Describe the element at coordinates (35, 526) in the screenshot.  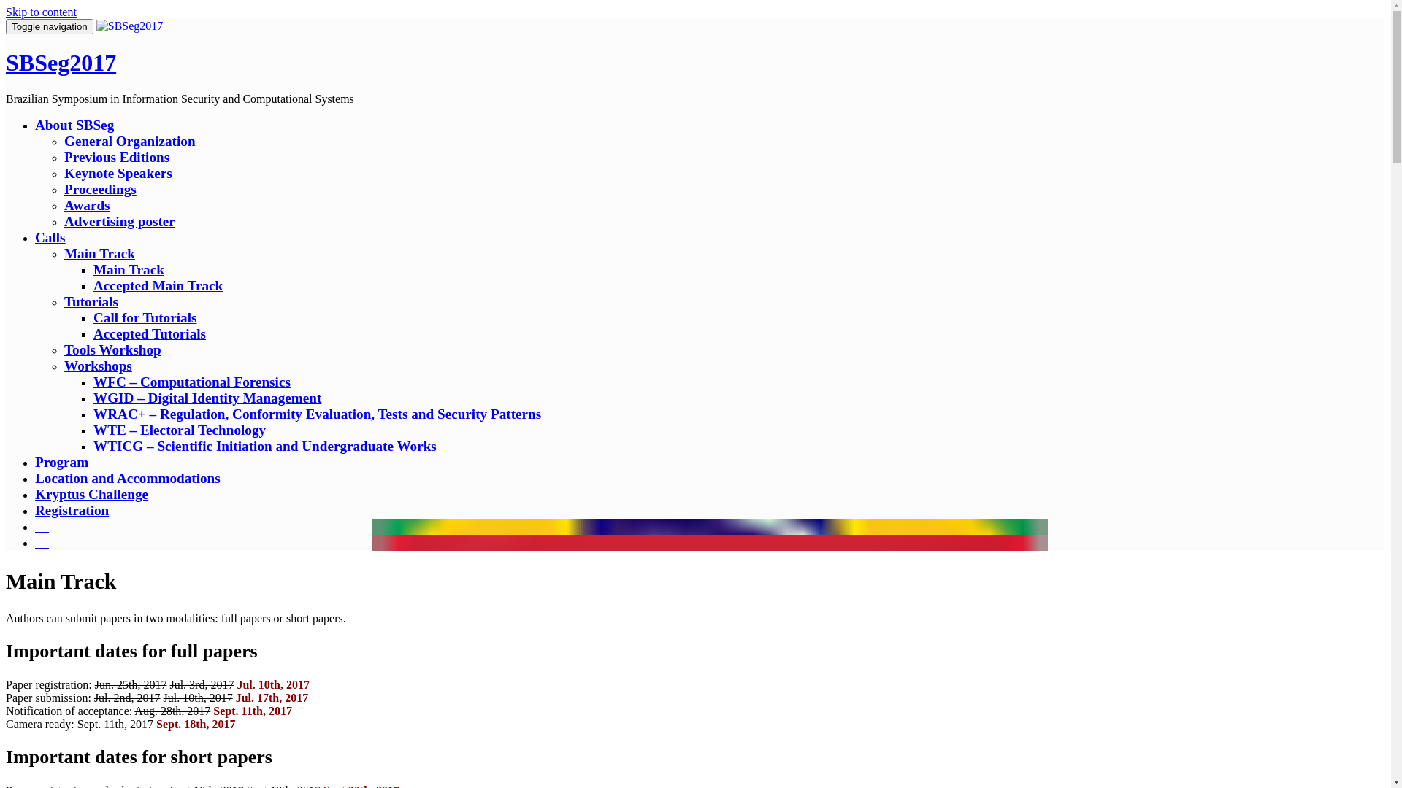
I see `'    '` at that location.